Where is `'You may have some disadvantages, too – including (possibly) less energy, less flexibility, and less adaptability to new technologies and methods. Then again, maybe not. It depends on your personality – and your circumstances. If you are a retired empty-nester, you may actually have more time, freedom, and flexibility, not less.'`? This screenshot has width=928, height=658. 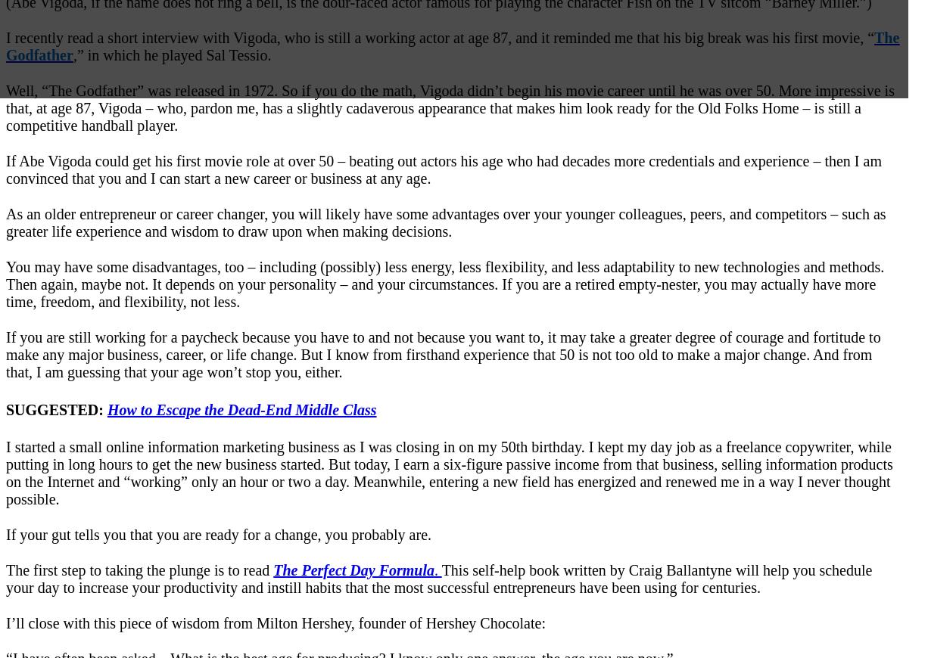
'You may have some disadvantages, too – including (possibly) less energy, less flexibility, and less adaptability to new technologies and methods. Then again, maybe not. It depends on your personality – and your circumstances. If you are a retired empty-nester, you may actually have more time, freedom, and flexibility, not less.' is located at coordinates (444, 284).